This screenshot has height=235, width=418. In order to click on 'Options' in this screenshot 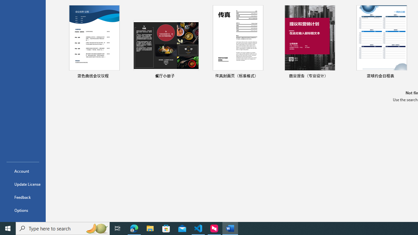, I will do `click(23, 210)`.